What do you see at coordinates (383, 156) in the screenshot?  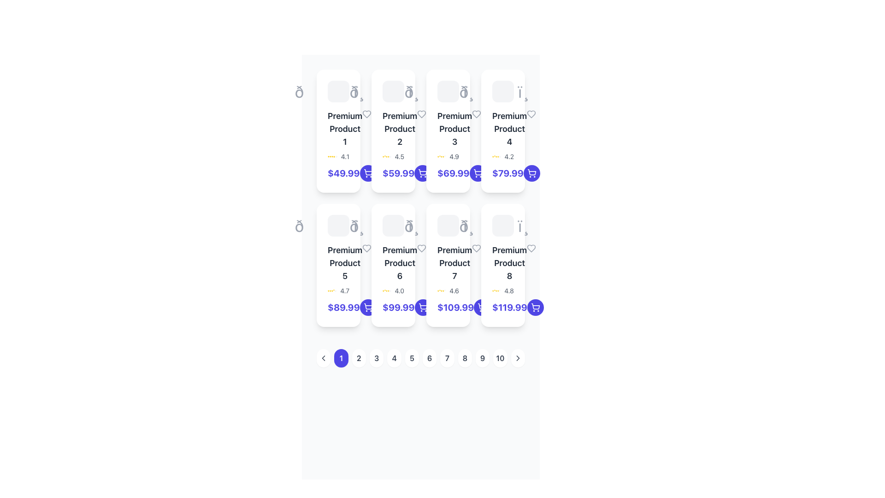 I see `the yellow star icon that is the first in a group associated with the numeric rating of '4.5', located beneath the title 'Premium Product 2' in the second card of the top row` at bounding box center [383, 156].